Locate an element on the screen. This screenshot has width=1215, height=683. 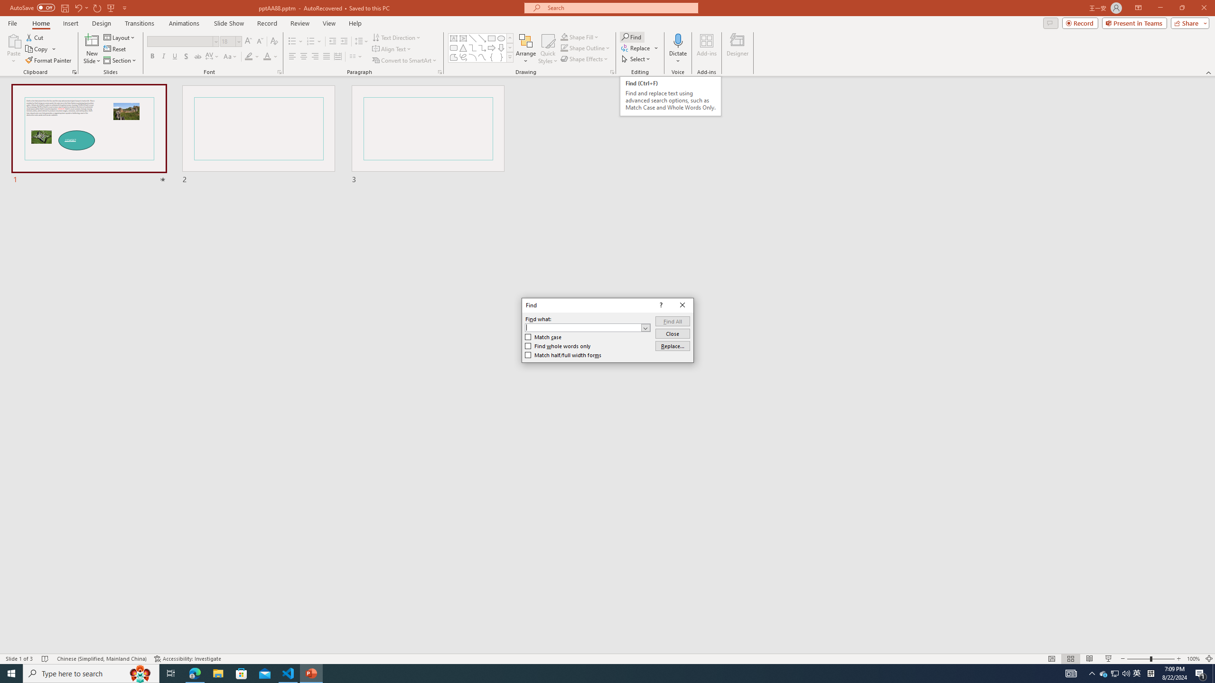
'Microsoft Edge - 1 running window' is located at coordinates (194, 673).